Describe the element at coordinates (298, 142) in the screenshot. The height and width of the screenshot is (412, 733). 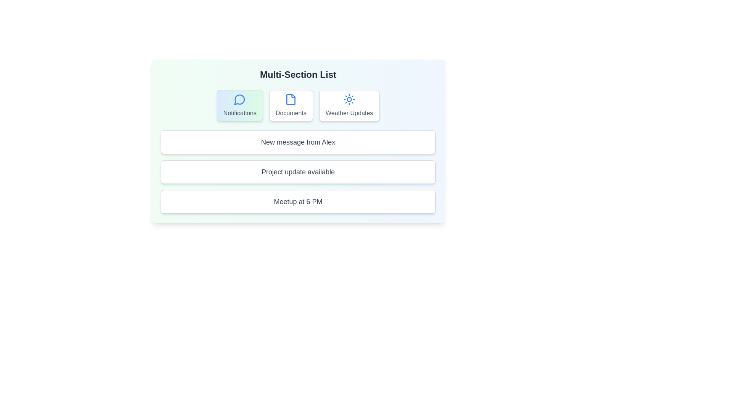
I see `the text 'New message from Alex' to select it` at that location.